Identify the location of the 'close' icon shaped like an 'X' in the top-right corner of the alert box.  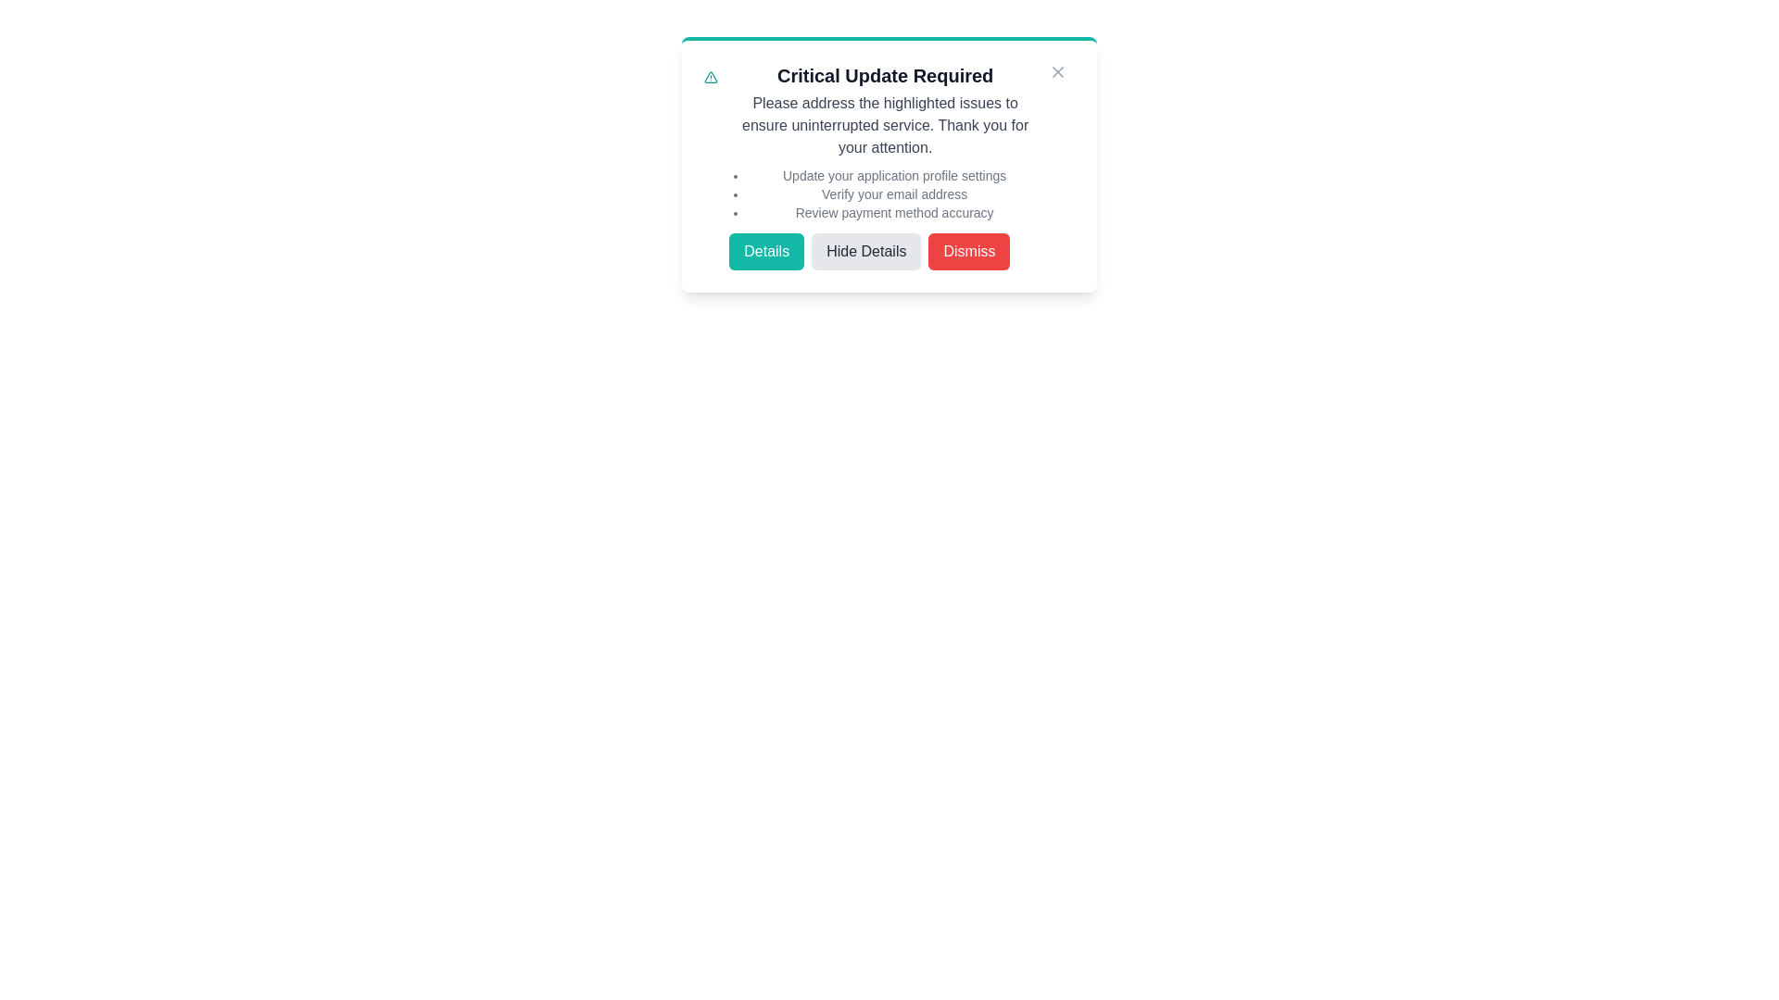
(1058, 70).